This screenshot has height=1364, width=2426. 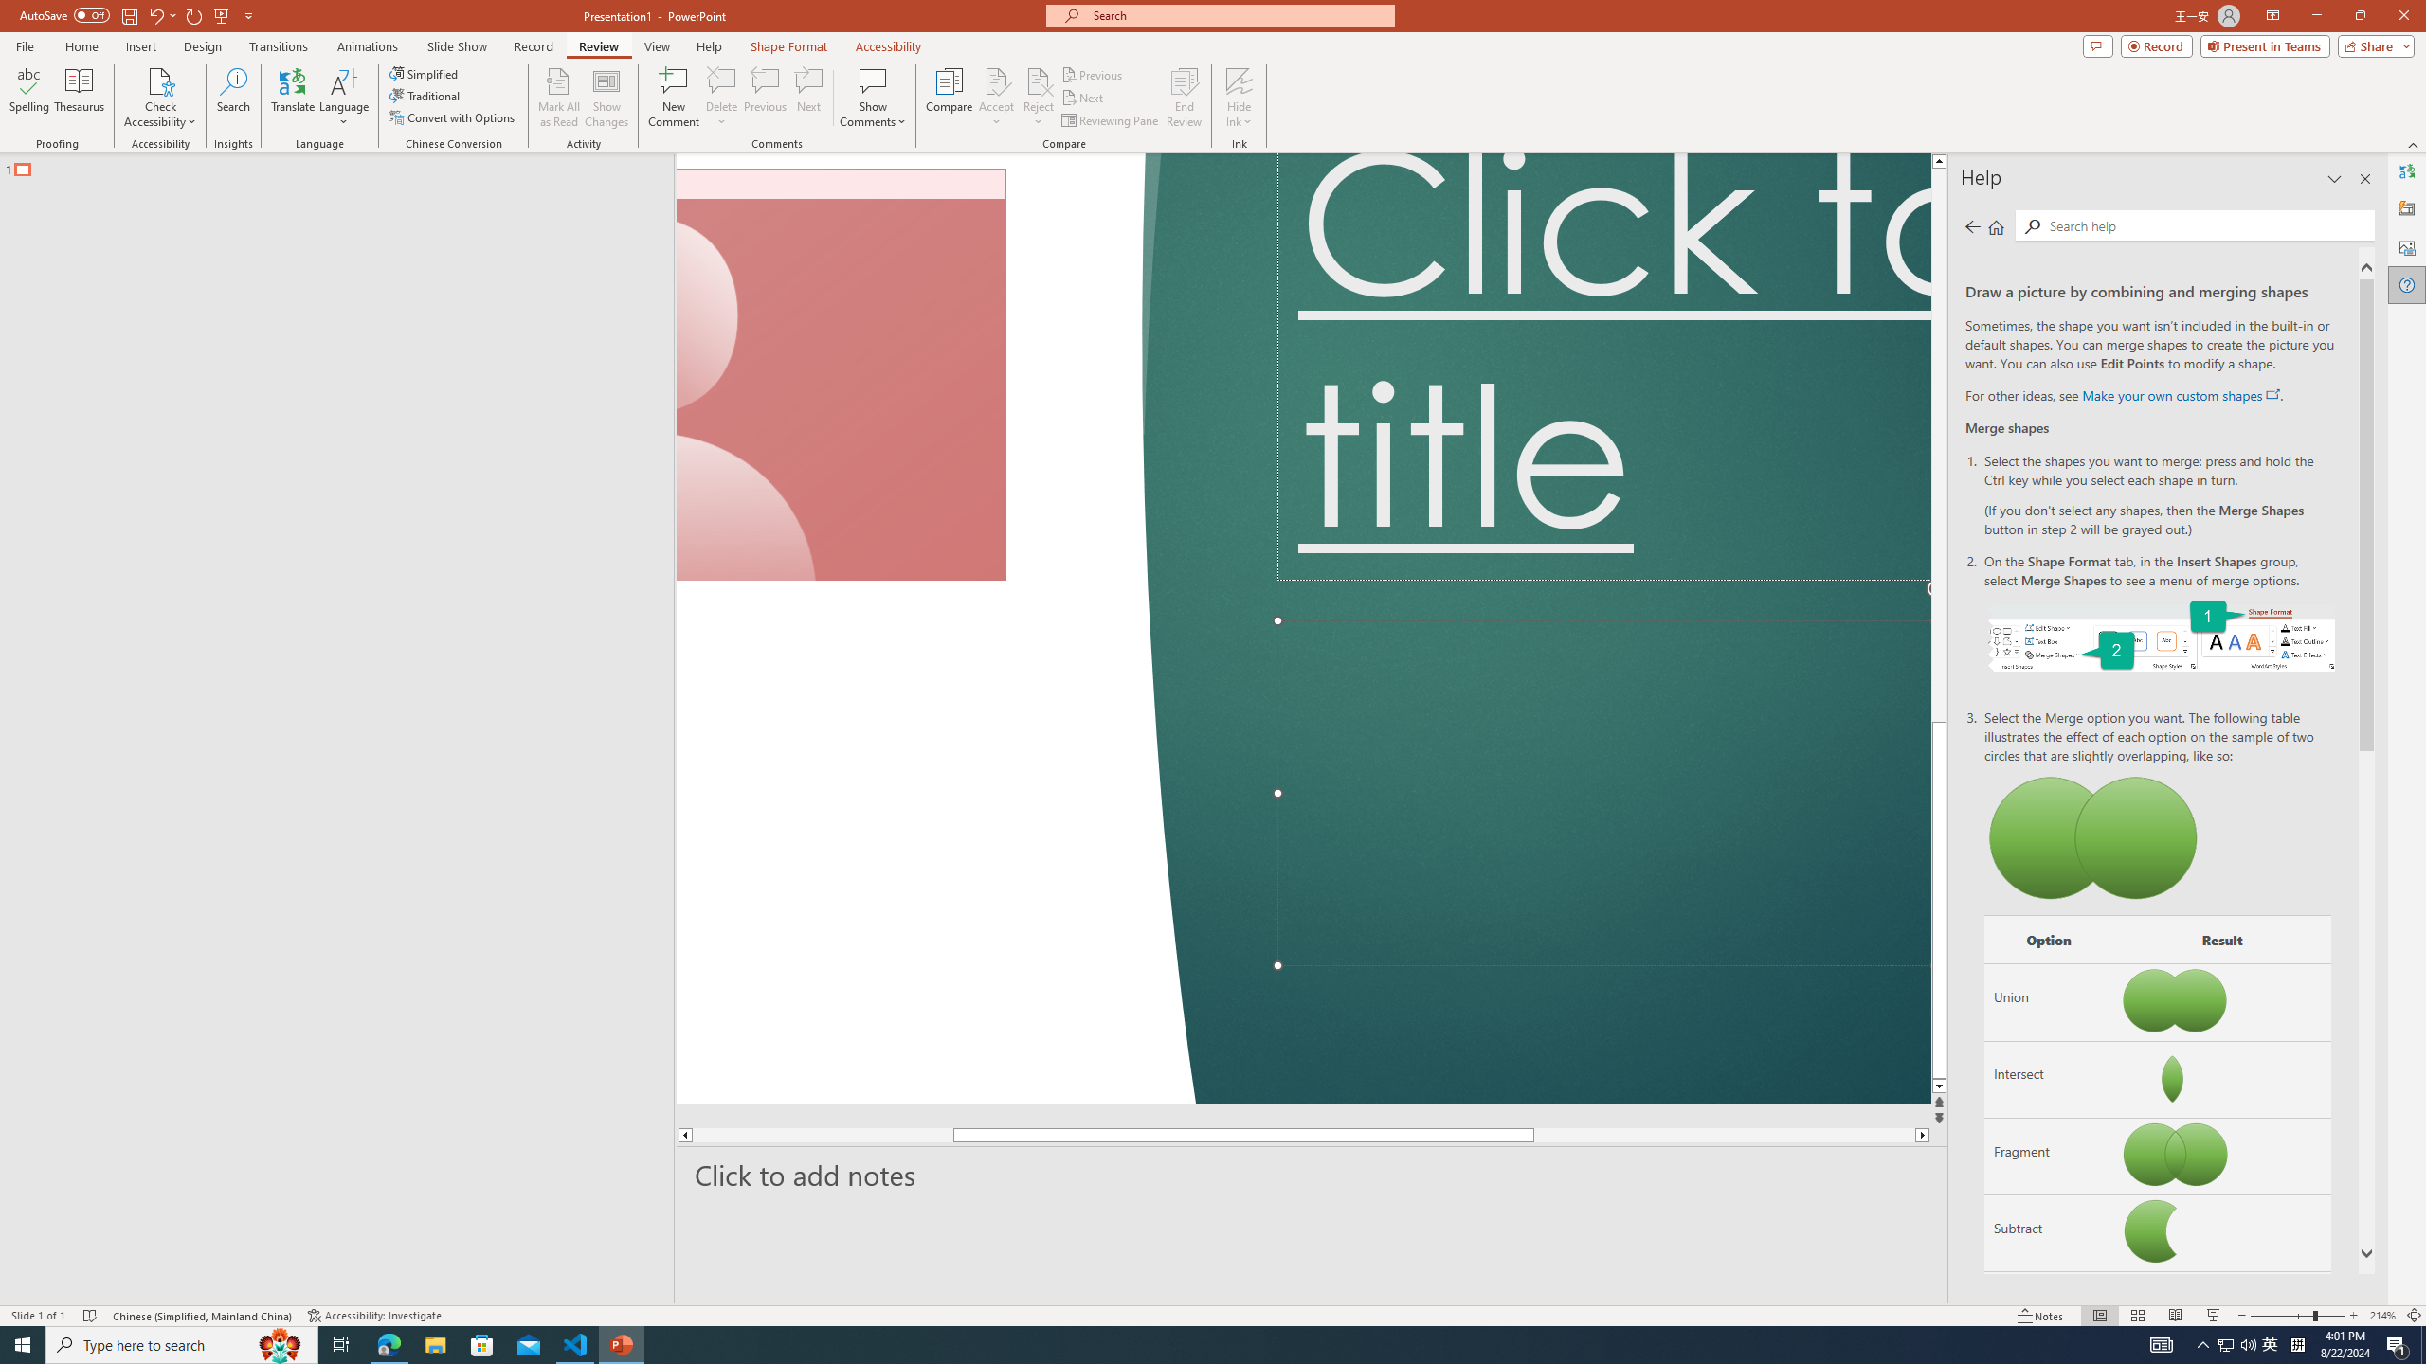 I want to click on 'Subtract', so click(x=2047, y=1233).